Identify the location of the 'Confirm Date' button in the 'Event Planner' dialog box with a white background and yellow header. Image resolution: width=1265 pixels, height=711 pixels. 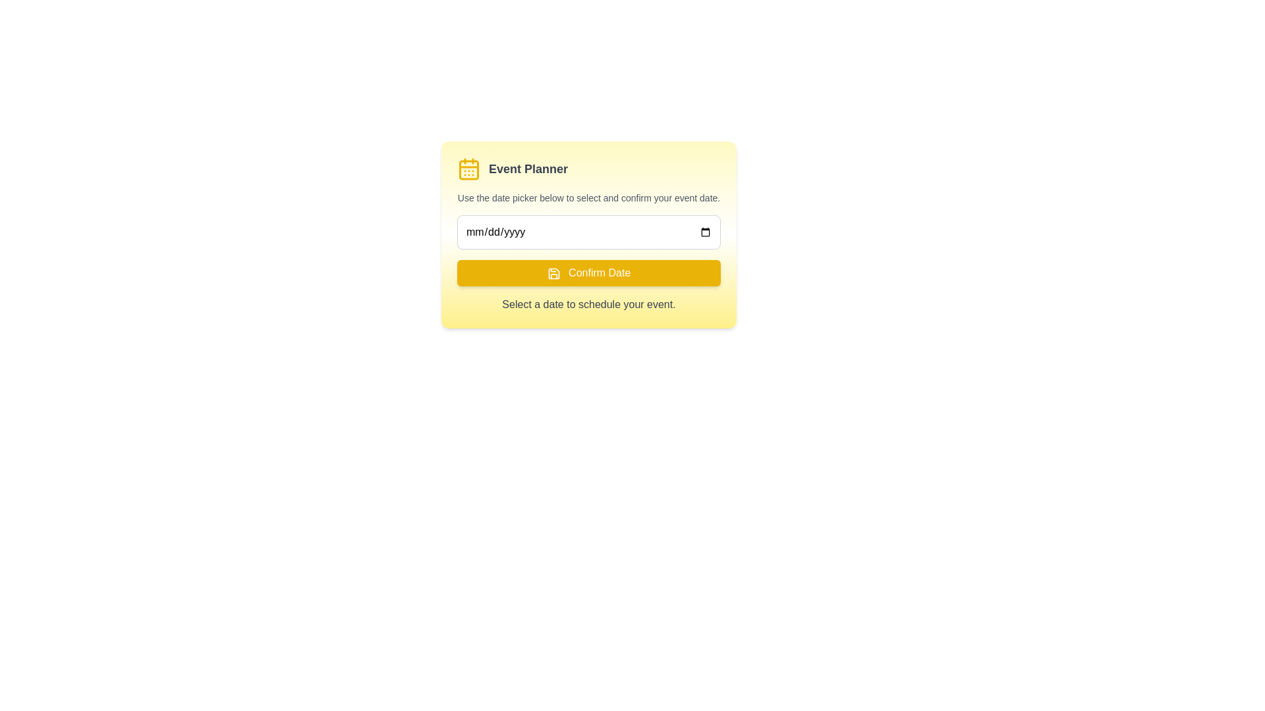
(588, 276).